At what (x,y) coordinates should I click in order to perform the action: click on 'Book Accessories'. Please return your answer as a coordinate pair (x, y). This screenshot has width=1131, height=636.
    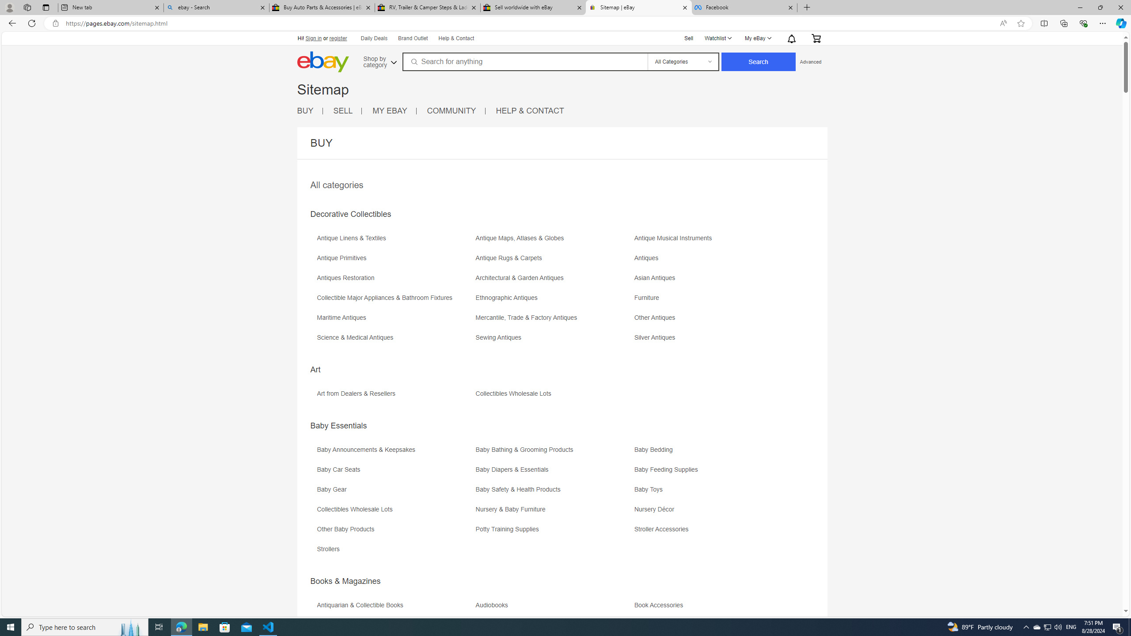
    Looking at the image, I should click on (661, 605).